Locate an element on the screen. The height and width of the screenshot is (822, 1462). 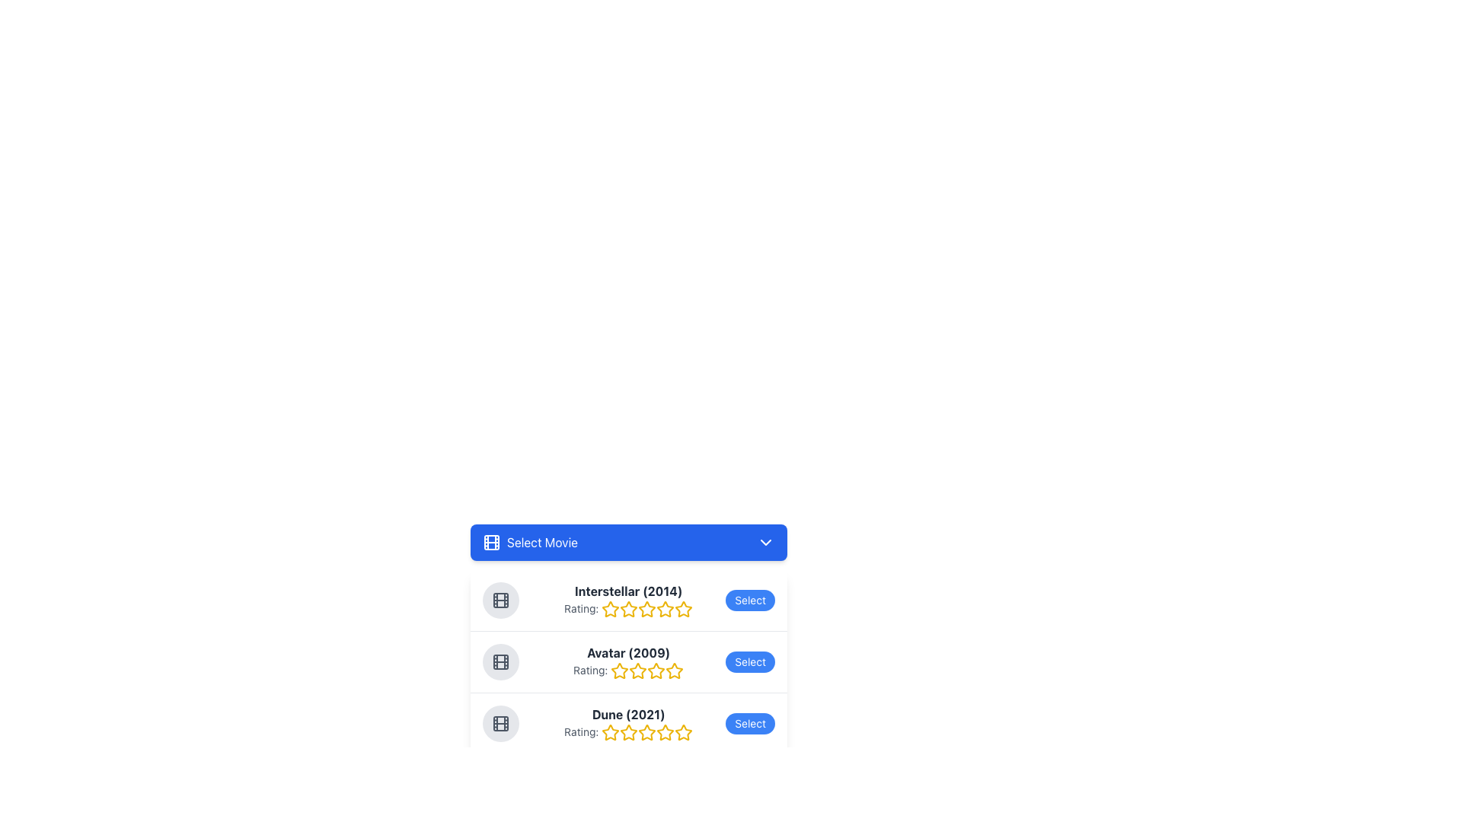
the circular icon with a gray background and film reel SVG representation located at the leftmost section of the row labeled 'Interstellar (2014) Rating:' is located at coordinates (500, 600).